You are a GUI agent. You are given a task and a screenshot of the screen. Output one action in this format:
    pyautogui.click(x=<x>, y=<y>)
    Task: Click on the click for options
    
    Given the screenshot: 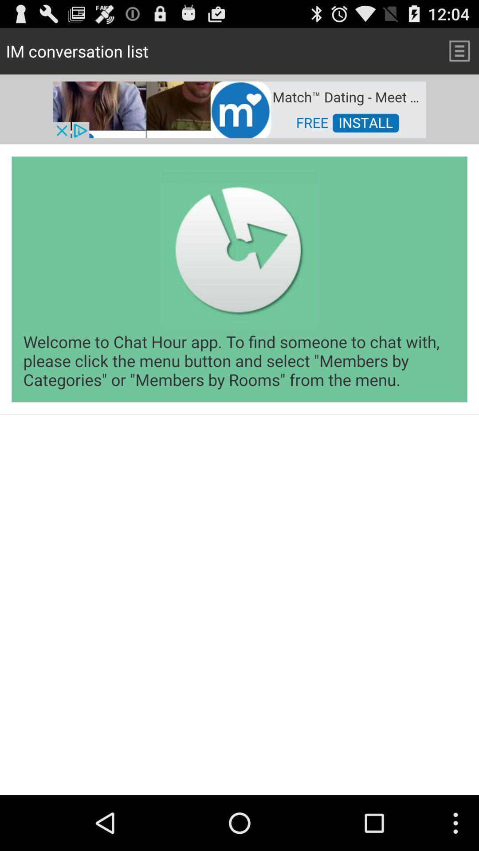 What is the action you would take?
    pyautogui.click(x=459, y=51)
    